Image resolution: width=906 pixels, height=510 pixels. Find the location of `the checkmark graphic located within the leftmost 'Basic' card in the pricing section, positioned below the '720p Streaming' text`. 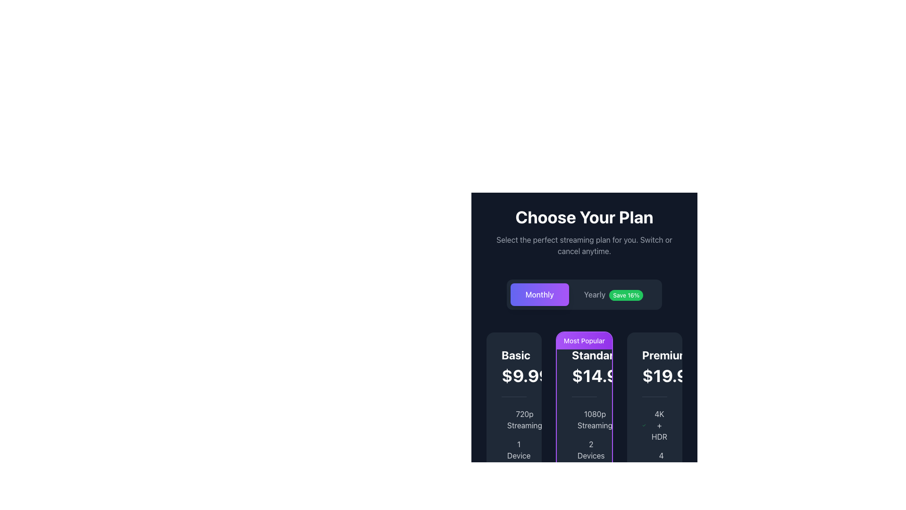

the checkmark graphic located within the leftmost 'Basic' card in the pricing section, positioned below the '720p Streaming' text is located at coordinates (507, 420).